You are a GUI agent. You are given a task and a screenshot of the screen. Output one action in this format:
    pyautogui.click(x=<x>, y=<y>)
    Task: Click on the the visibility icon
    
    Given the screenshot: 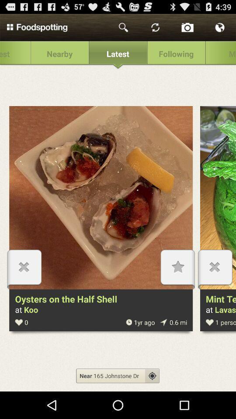 What is the action you would take?
    pyautogui.click(x=152, y=400)
    